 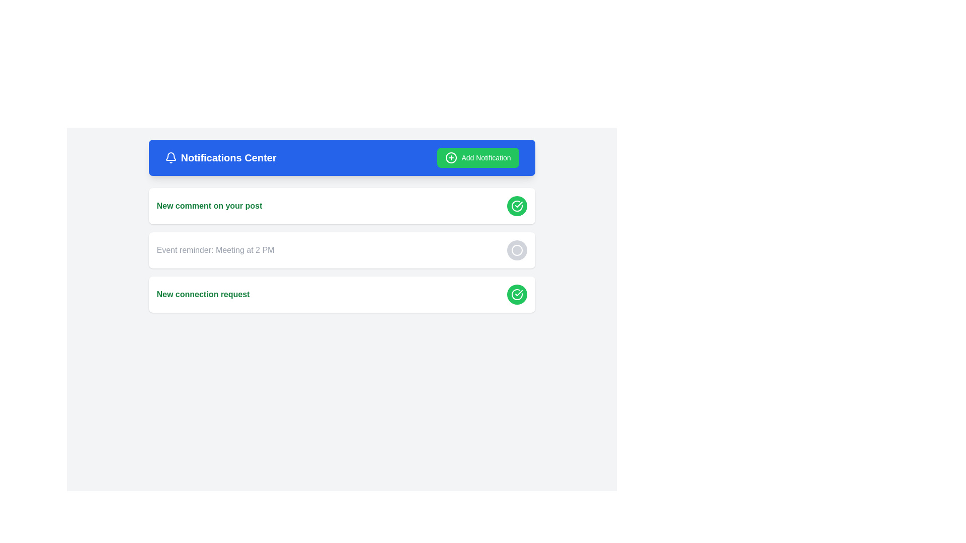 What do you see at coordinates (171, 156) in the screenshot?
I see `the bell icon representing notifications located in the top bar, to the left of 'Notifications Center'` at bounding box center [171, 156].